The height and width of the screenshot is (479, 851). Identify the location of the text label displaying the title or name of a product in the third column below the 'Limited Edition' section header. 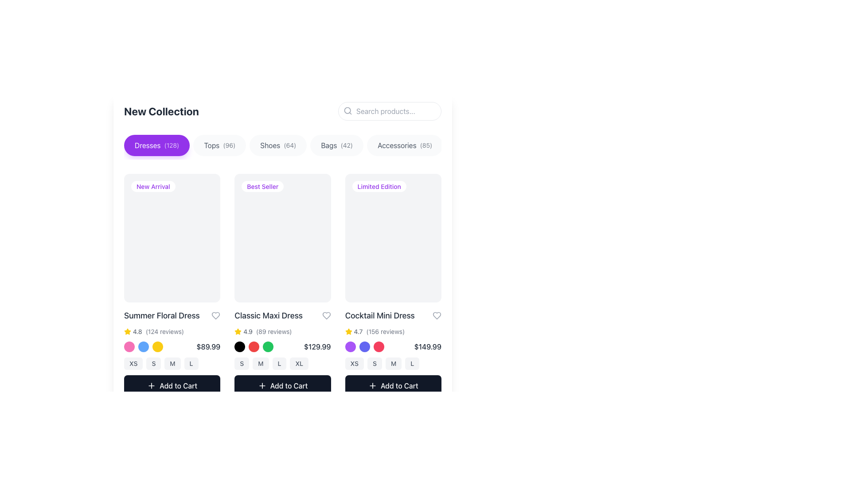
(380, 315).